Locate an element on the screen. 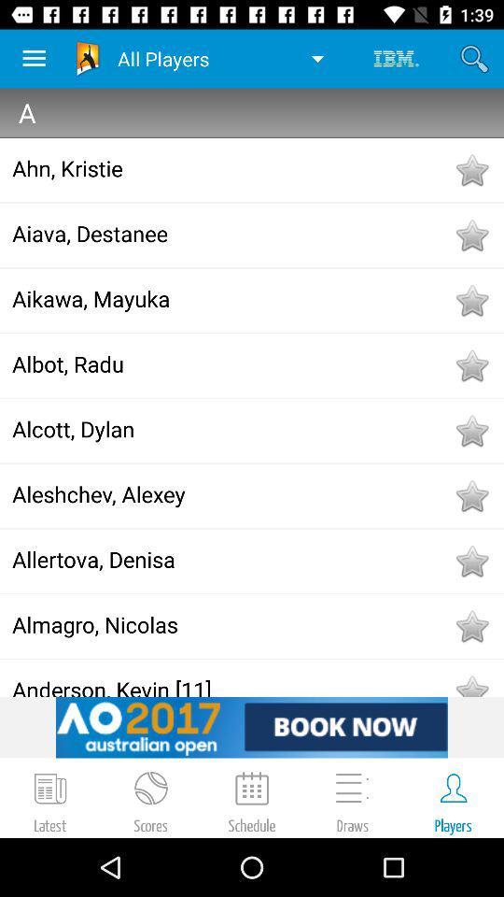 Image resolution: width=504 pixels, height=897 pixels. to favorites is located at coordinates (470, 561).